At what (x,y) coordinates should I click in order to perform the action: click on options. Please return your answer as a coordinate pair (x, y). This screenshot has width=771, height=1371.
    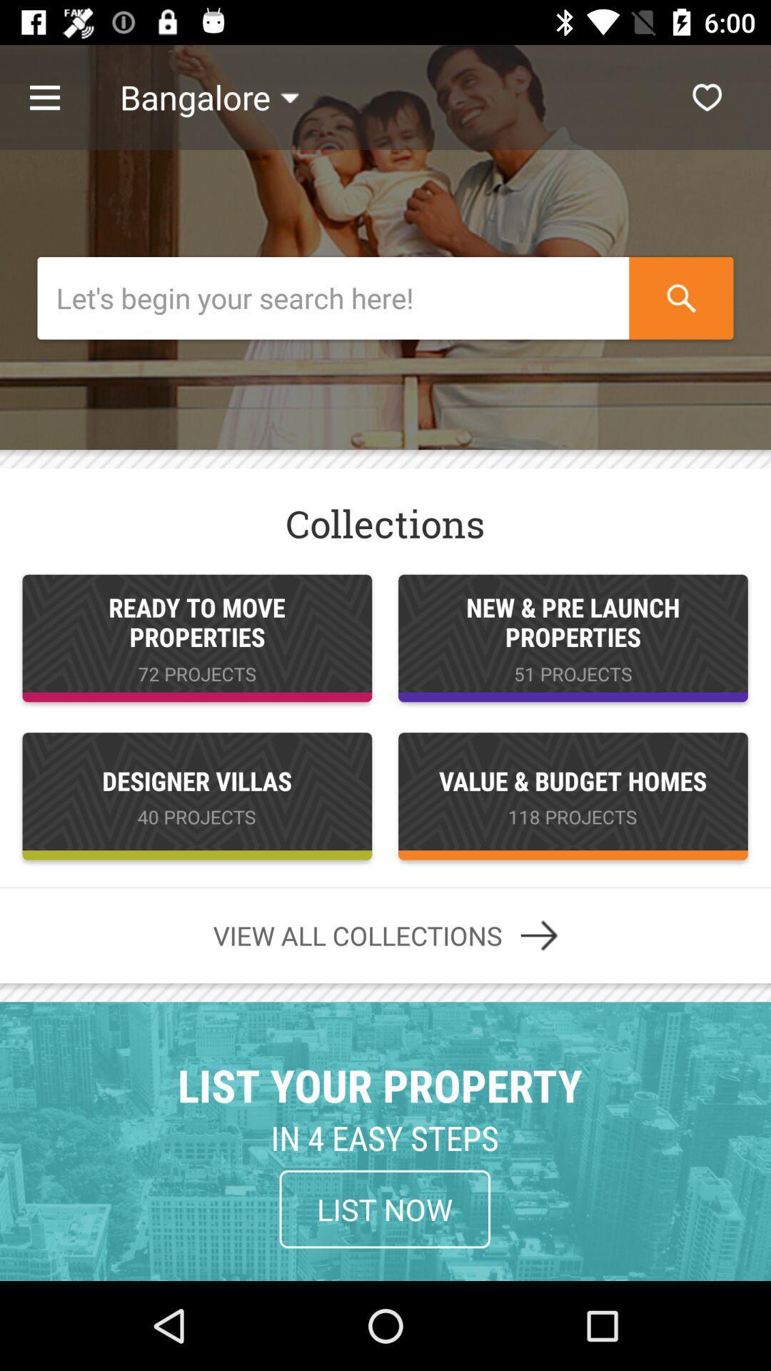
    Looking at the image, I should click on (59, 96).